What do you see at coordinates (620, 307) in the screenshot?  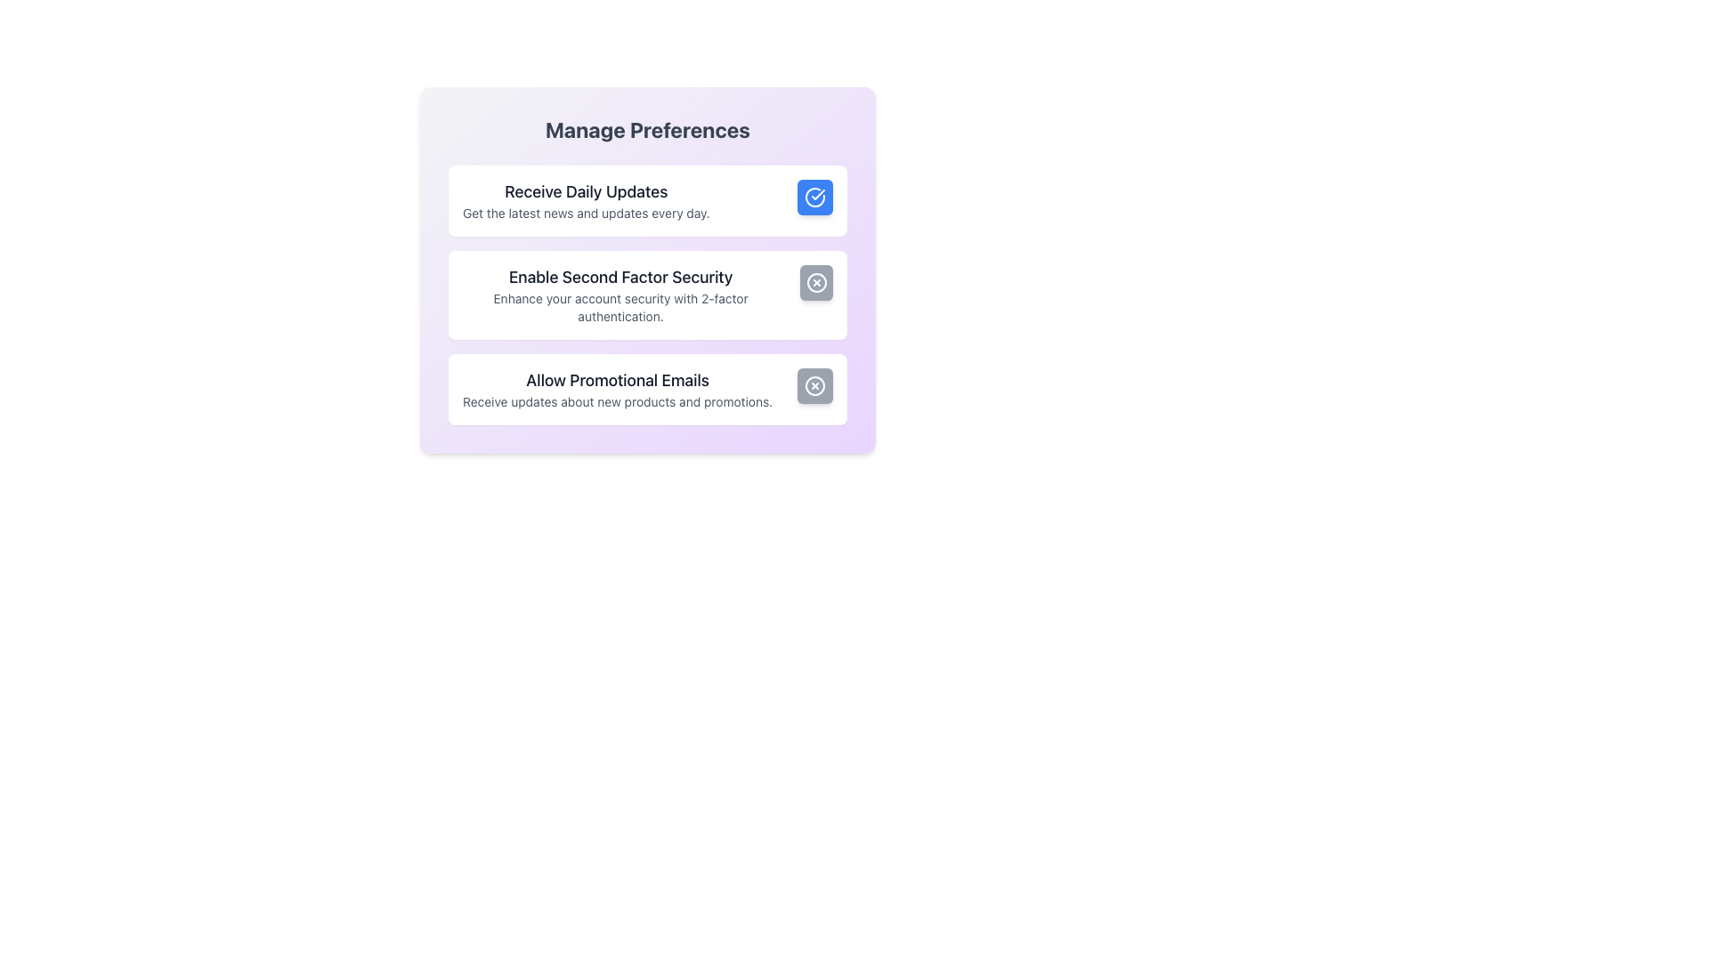 I see `descriptive text element providing context about the 'Enable Second Factor Security' option, located below the title in the 'Manage Preferences' section` at bounding box center [620, 307].